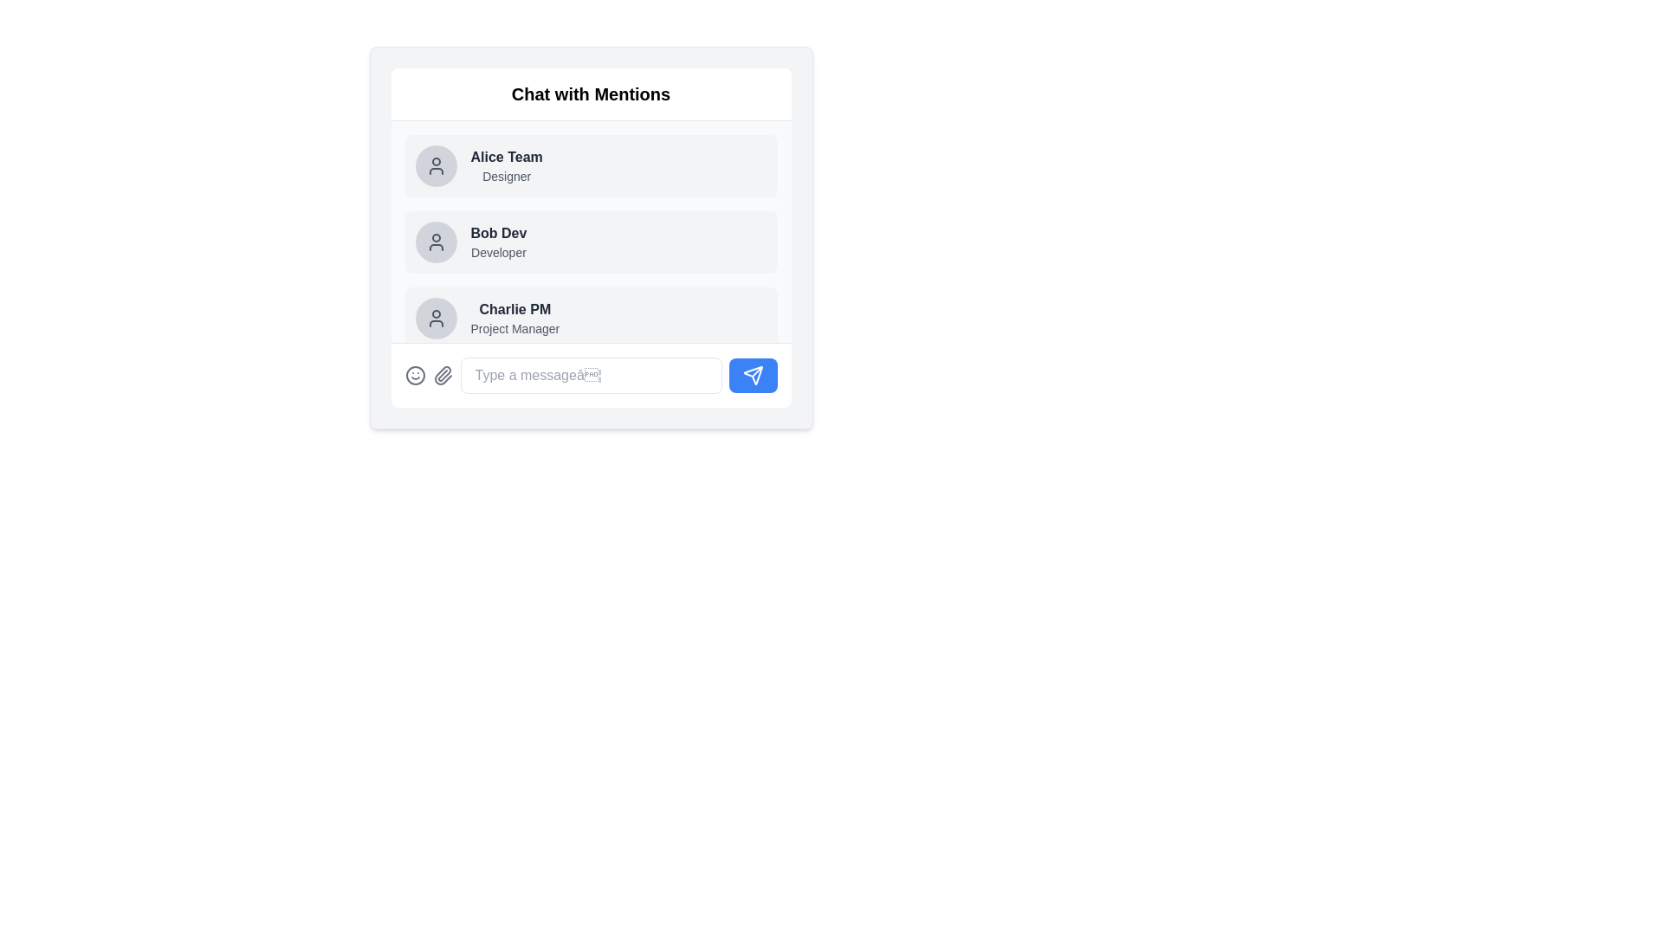 This screenshot has height=935, width=1663. What do you see at coordinates (436, 166) in the screenshot?
I see `the circular profile avatar icon with a gray person silhouette located in the first user card of the 'Chat with Mentions' list` at bounding box center [436, 166].